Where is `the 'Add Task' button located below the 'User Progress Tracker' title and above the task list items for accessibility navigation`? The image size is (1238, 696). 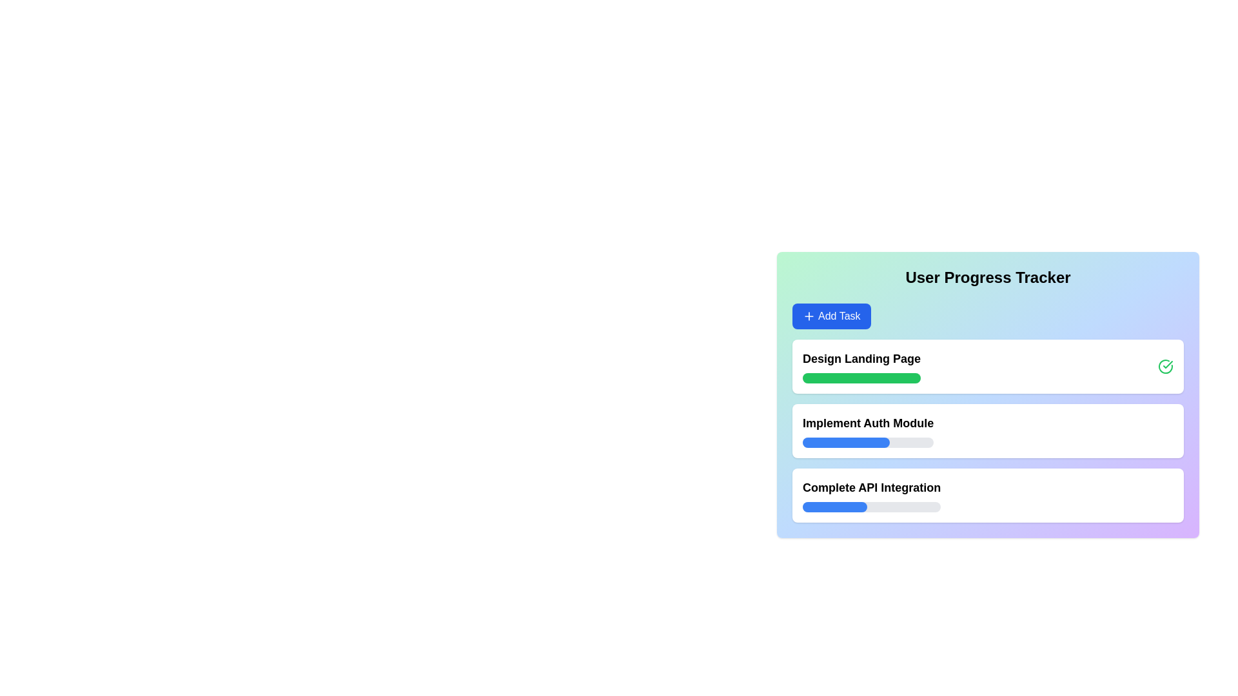 the 'Add Task' button located below the 'User Progress Tracker' title and above the task list items for accessibility navigation is located at coordinates (831, 316).